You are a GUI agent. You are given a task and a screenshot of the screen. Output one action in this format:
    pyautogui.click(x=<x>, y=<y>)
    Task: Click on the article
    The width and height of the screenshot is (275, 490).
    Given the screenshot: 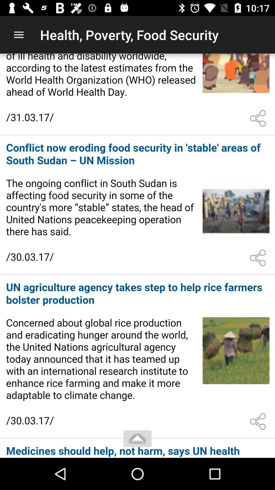 What is the action you would take?
    pyautogui.click(x=137, y=205)
    